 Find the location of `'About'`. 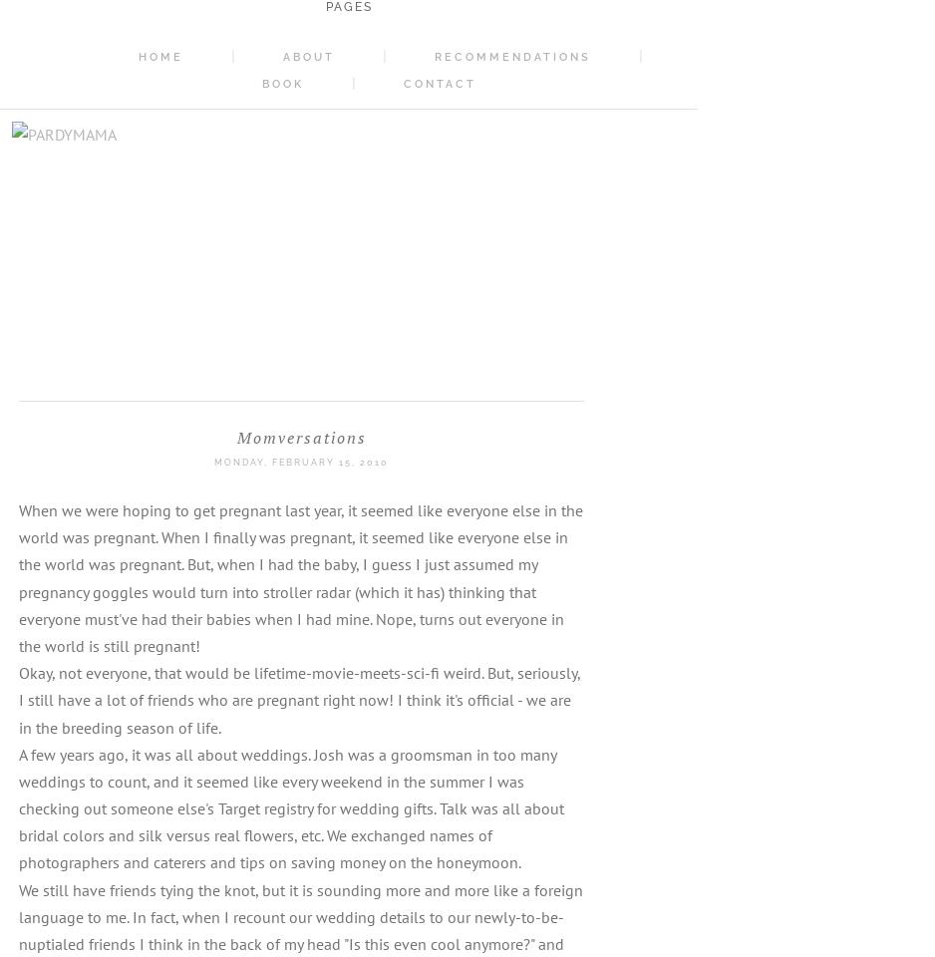

'About' is located at coordinates (283, 56).